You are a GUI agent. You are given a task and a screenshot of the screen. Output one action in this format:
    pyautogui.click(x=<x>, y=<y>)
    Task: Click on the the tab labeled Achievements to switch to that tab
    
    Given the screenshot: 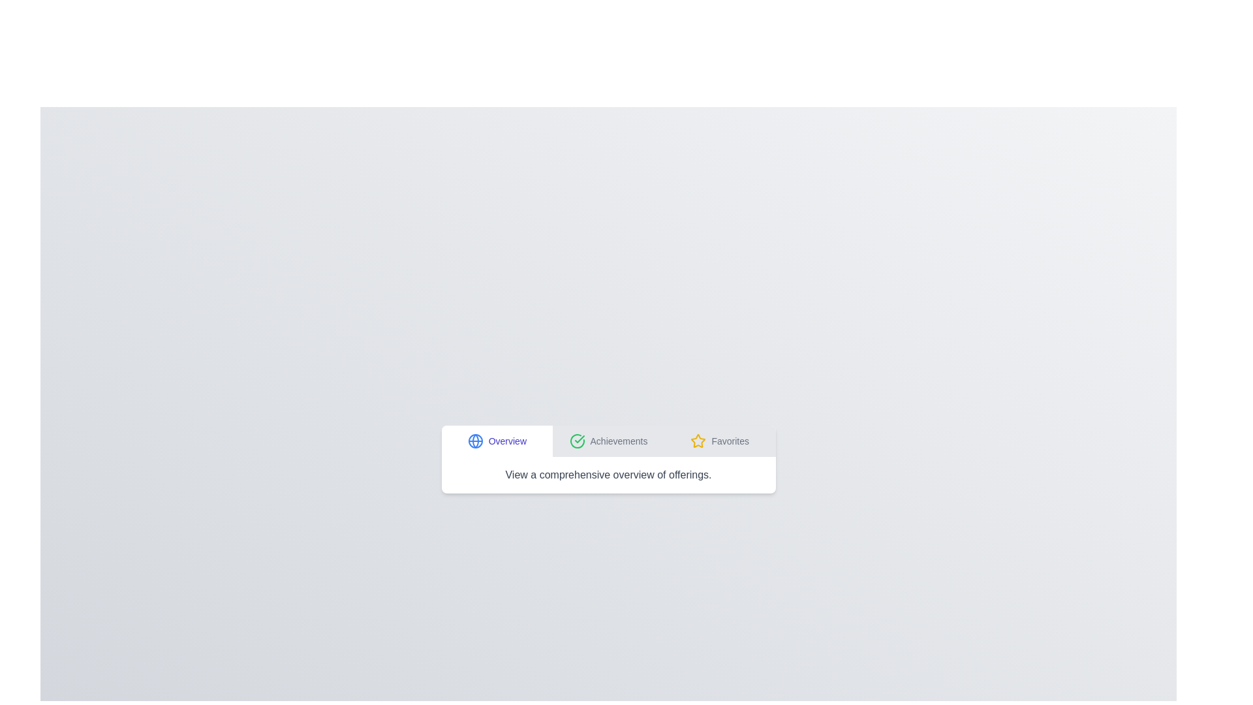 What is the action you would take?
    pyautogui.click(x=608, y=441)
    